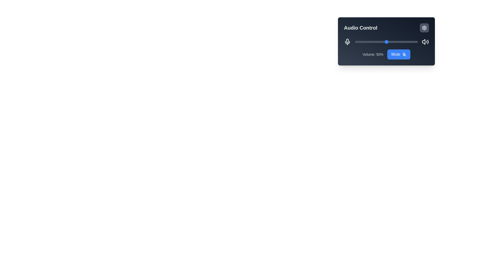 The height and width of the screenshot is (271, 481). Describe the element at coordinates (398, 54) in the screenshot. I see `the rectangular 'Mute' button with a blue background and white text in the audio control panel` at that location.